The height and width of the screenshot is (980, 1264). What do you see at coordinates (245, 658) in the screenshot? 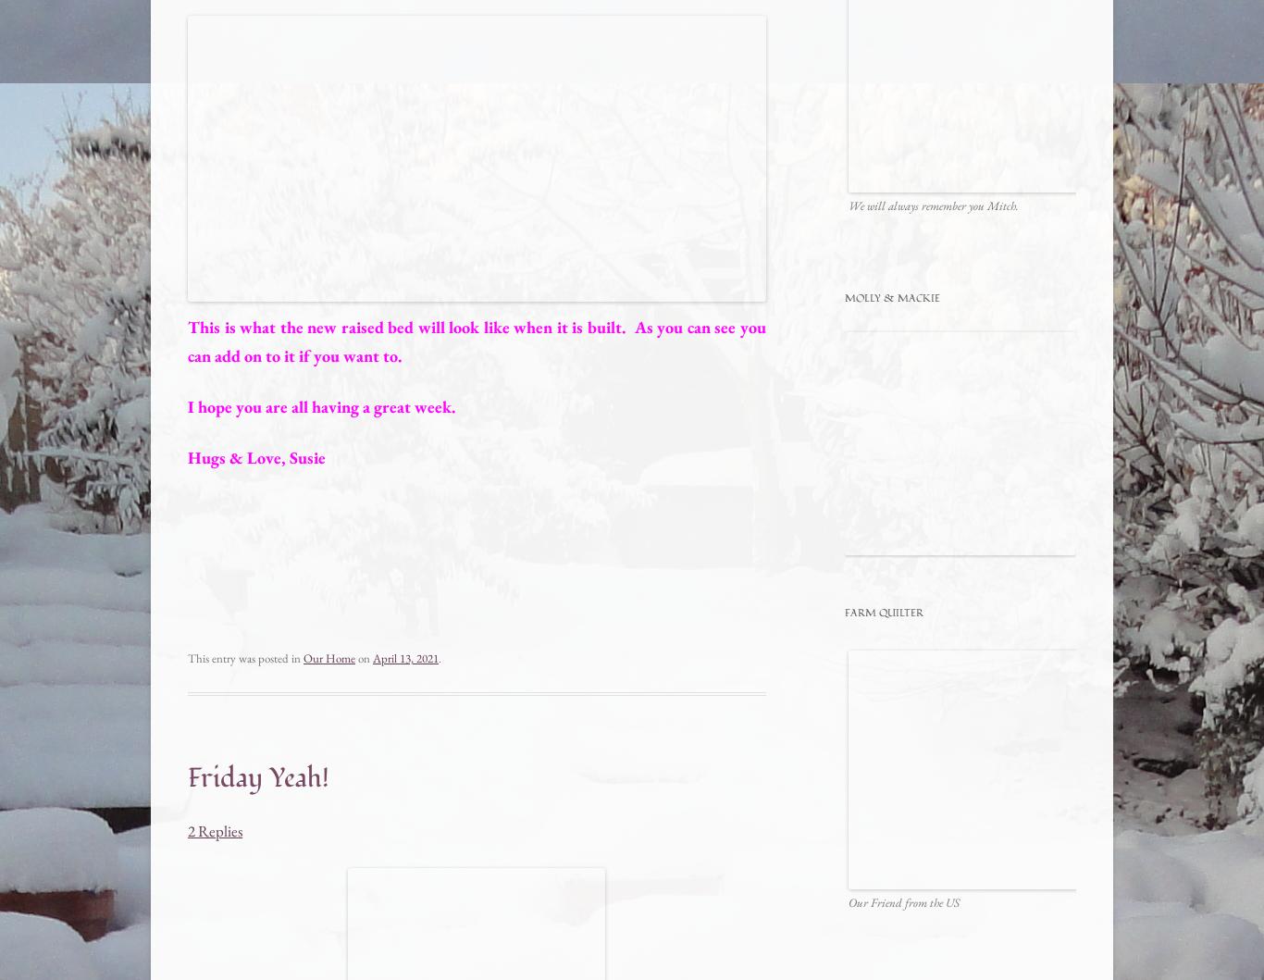
I see `'This entry was posted in'` at bounding box center [245, 658].